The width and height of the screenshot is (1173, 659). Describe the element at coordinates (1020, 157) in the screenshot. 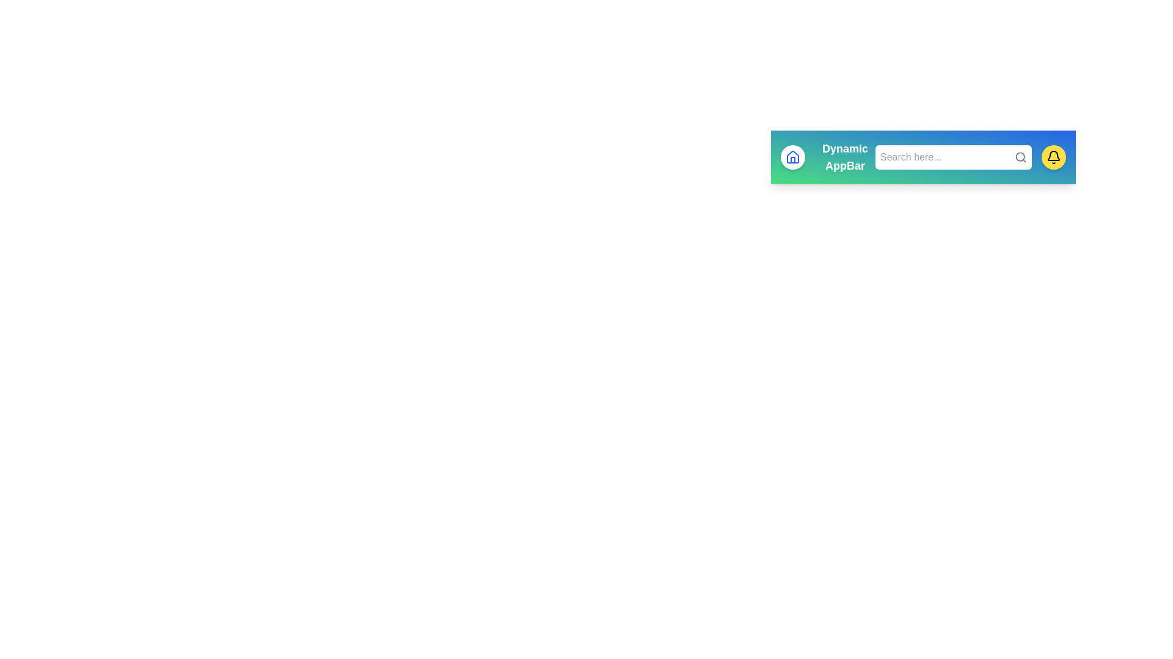

I see `the search icon to initiate a search` at that location.